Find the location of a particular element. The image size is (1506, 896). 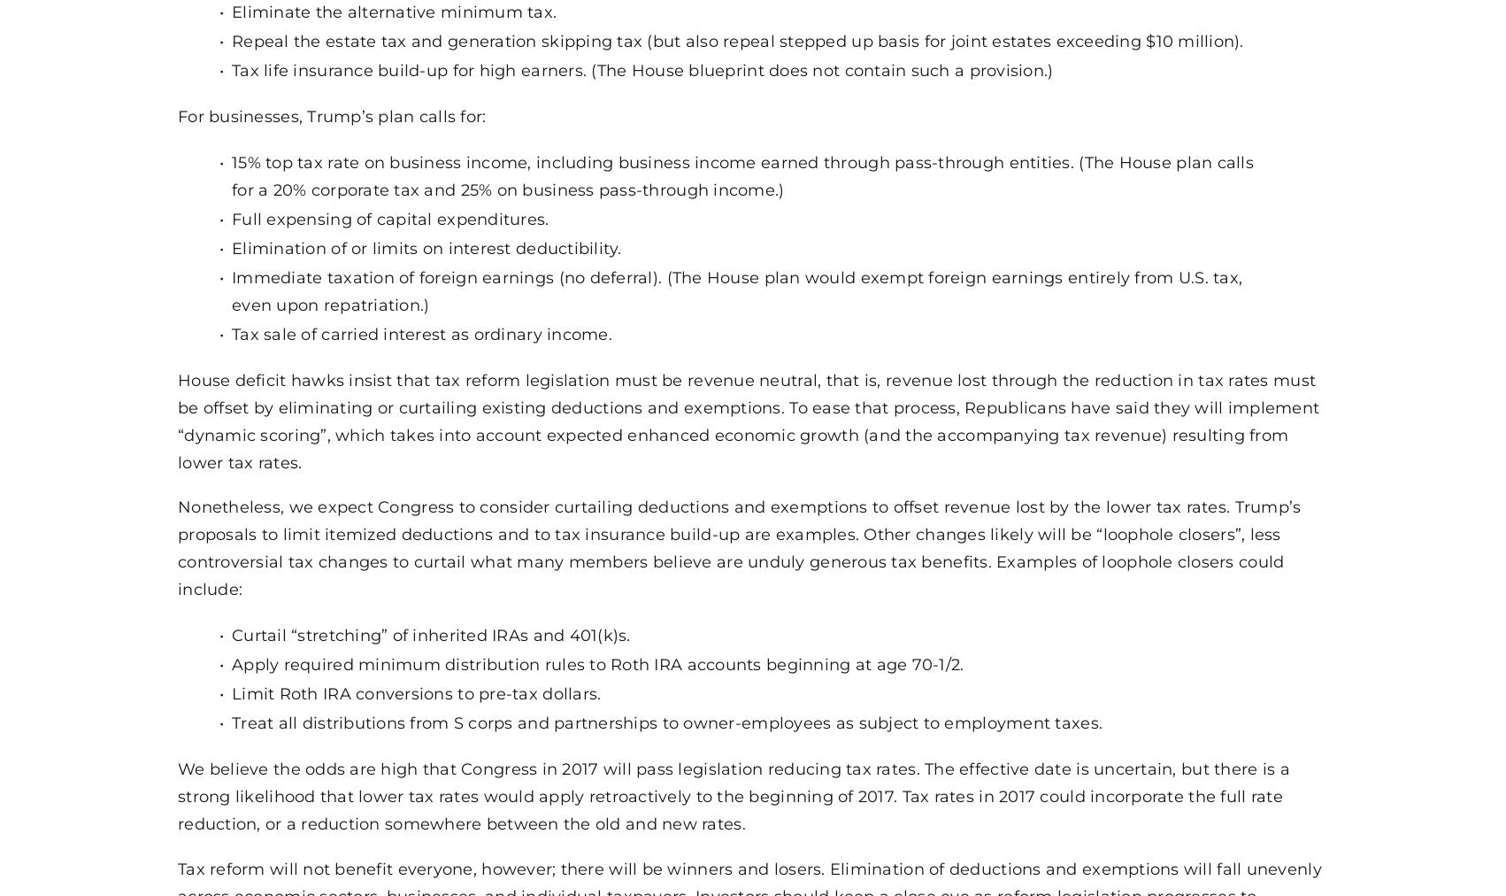

'Tax sale of carried interest as ordinary income.' is located at coordinates (420, 331).